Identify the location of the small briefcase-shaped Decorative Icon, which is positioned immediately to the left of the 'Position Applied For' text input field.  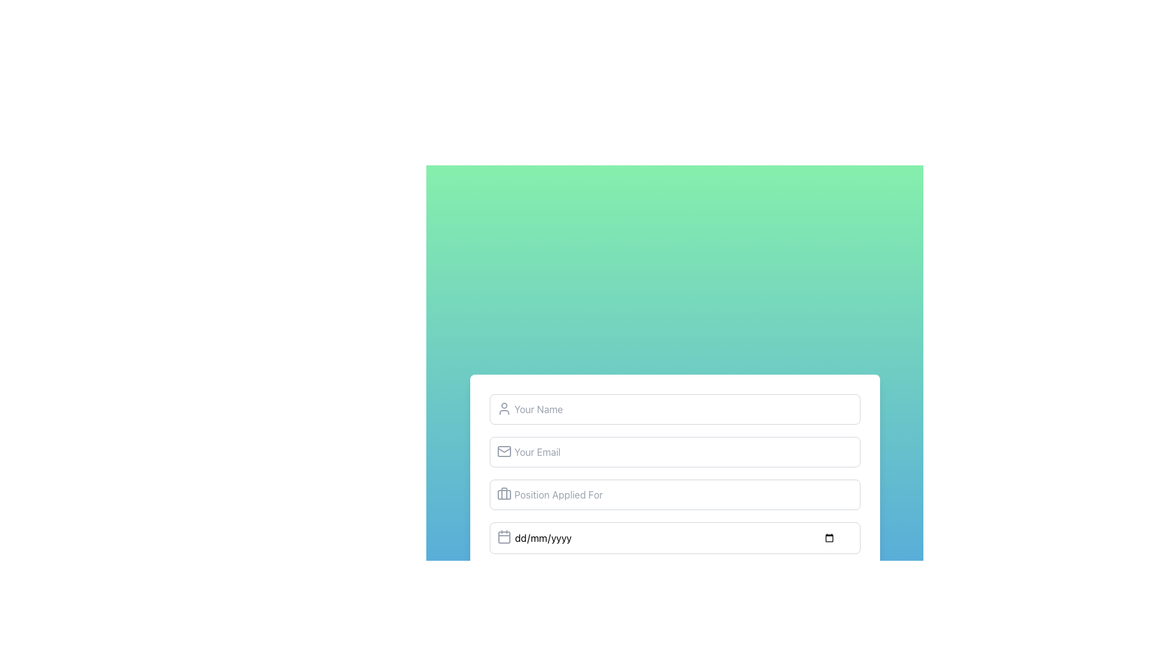
(504, 494).